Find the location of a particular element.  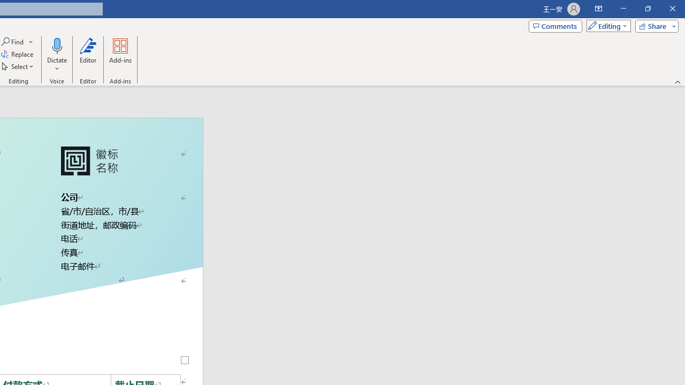

'Editor' is located at coordinates (88, 55).